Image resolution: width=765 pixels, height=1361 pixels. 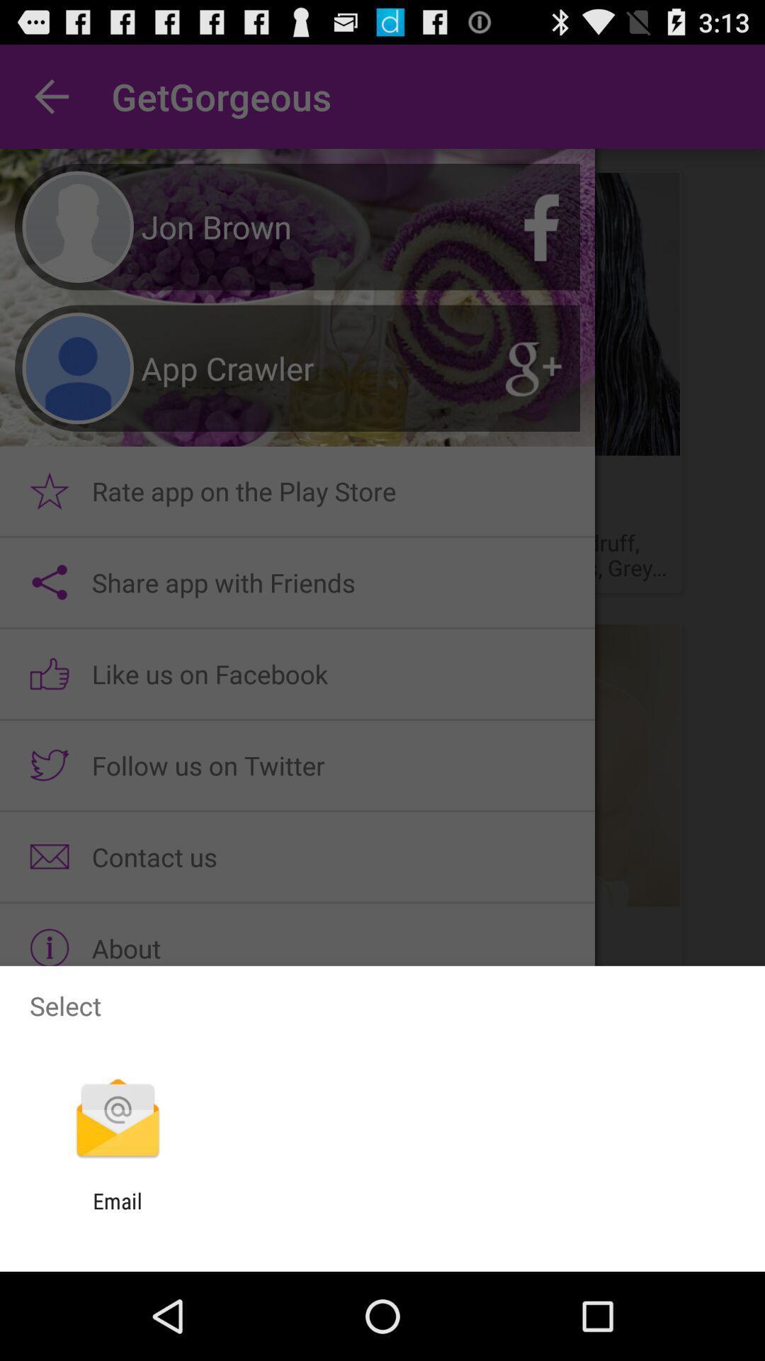 I want to click on email, so click(x=117, y=1213).